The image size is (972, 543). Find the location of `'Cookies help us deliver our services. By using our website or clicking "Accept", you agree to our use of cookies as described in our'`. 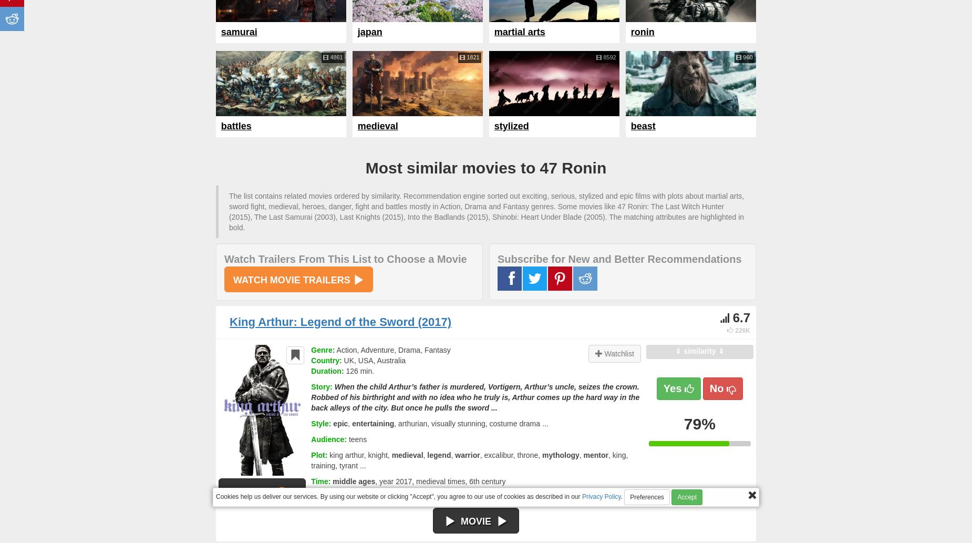

'Cookies help us deliver our services. By using our website or clicking "Accept", you agree to our use of cookies as described in our' is located at coordinates (215, 496).